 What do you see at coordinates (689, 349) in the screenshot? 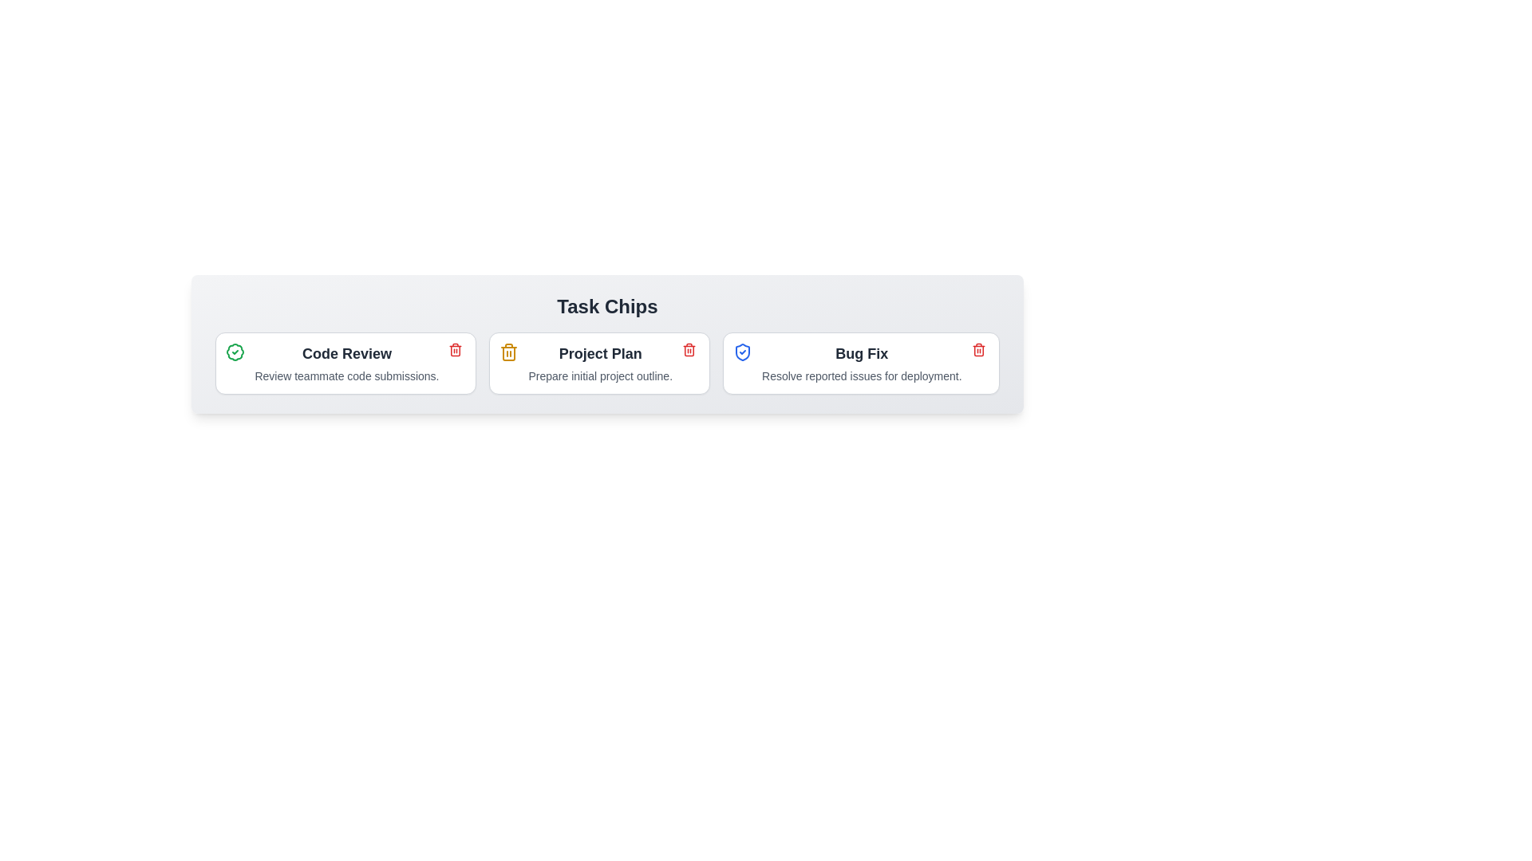
I see `delete button for the task titled Project Plan` at bounding box center [689, 349].